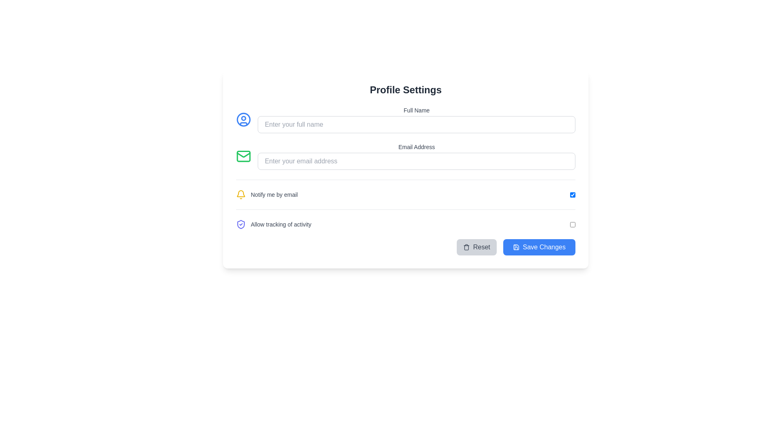 This screenshot has height=440, width=783. Describe the element at coordinates (243, 118) in the screenshot. I see `the medium-sized circle within the larger user icon on the left side of the 'Profile Settings' area` at that location.